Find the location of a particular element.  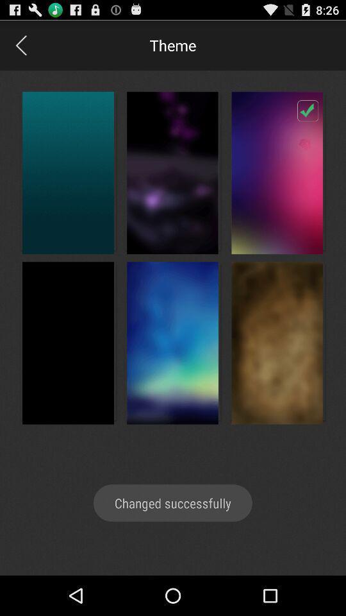

go back is located at coordinates (20, 45).